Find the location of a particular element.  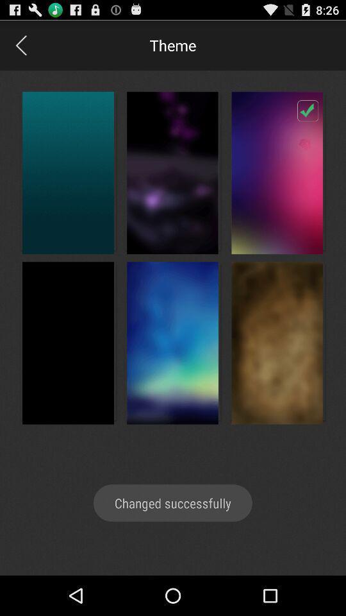

go back is located at coordinates (20, 45).